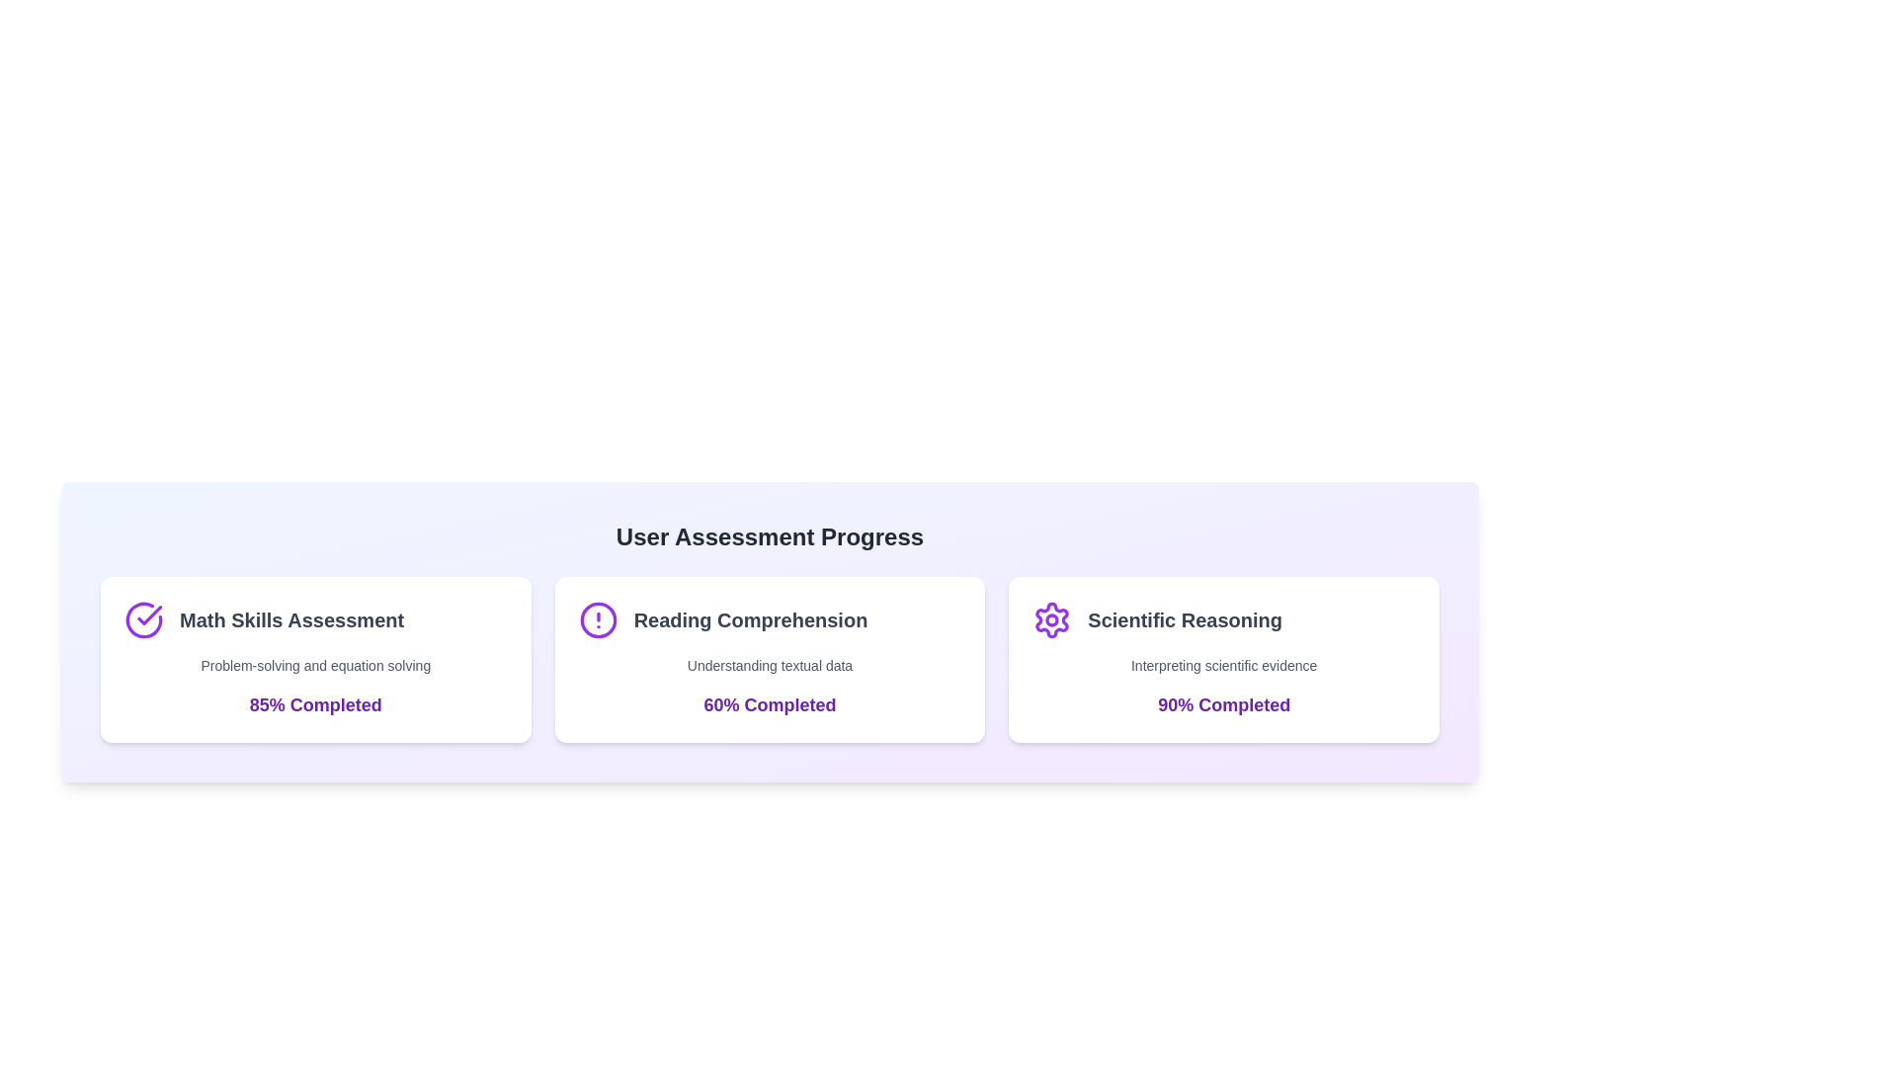 The image size is (1897, 1067). I want to click on the Static Text Label that serves as a progress indicator in the 'Math Skills Assessment' section, located beneath the subtitle 'Problem-solving and equation solving', so click(314, 703).